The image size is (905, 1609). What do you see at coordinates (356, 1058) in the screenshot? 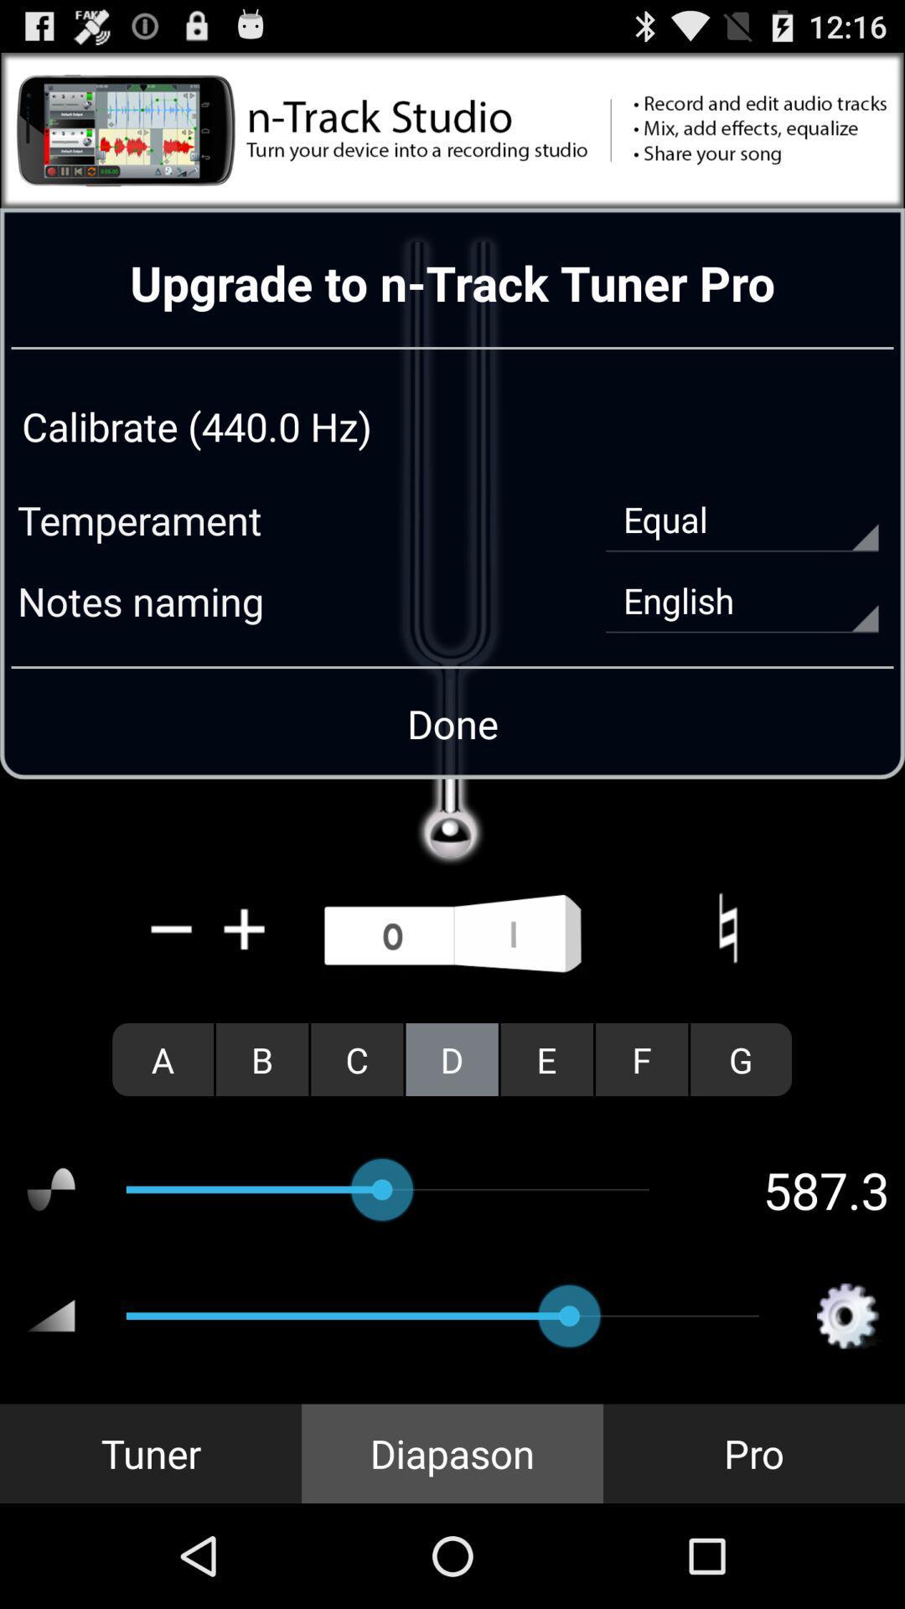
I see `the radio button next to the b icon` at bounding box center [356, 1058].